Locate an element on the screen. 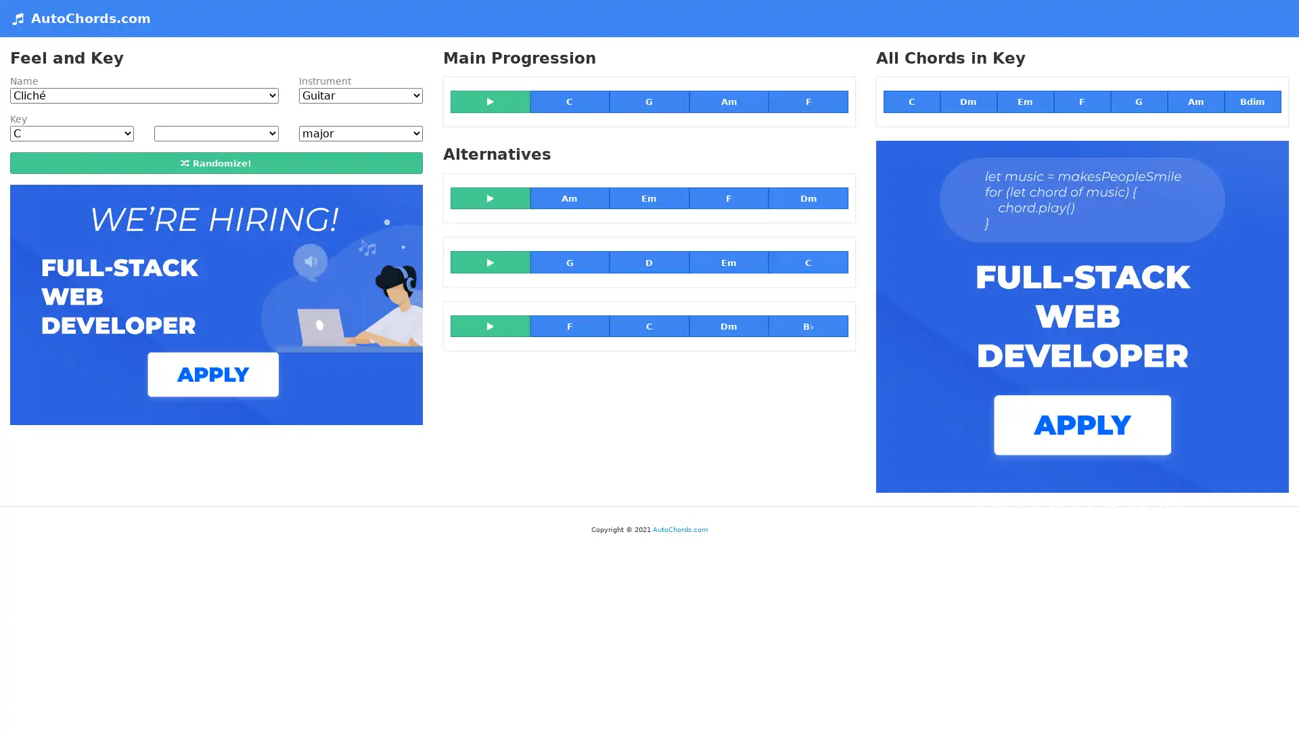  G is located at coordinates (1138, 101).